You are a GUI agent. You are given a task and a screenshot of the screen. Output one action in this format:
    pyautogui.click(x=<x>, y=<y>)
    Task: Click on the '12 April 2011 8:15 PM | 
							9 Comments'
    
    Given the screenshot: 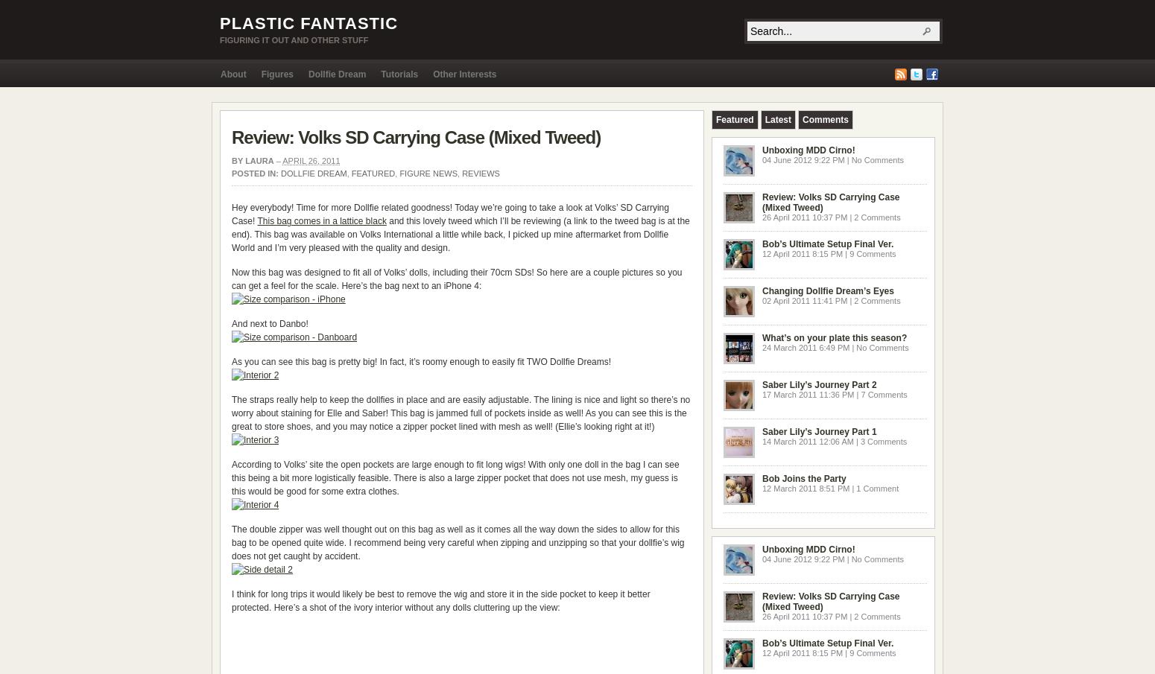 What is the action you would take?
    pyautogui.click(x=762, y=253)
    